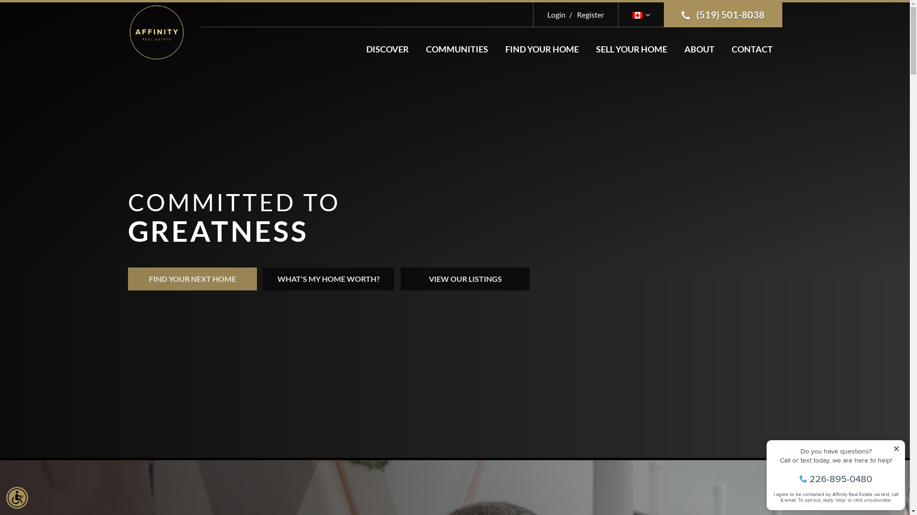 The width and height of the screenshot is (917, 515). Describe the element at coordinates (641, 14) in the screenshot. I see `'Select Language'` at that location.